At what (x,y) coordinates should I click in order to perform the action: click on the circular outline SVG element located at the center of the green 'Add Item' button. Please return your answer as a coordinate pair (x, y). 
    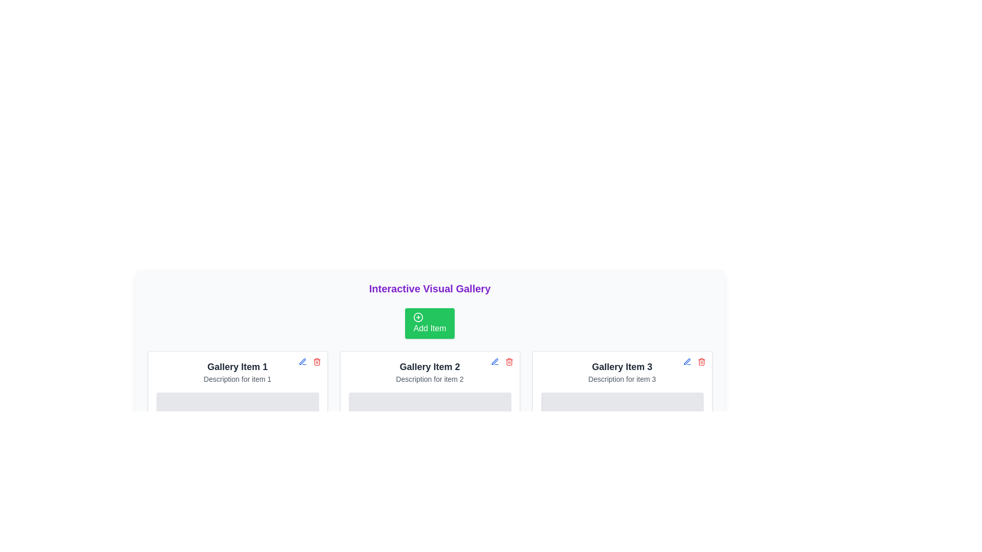
    Looking at the image, I should click on (418, 317).